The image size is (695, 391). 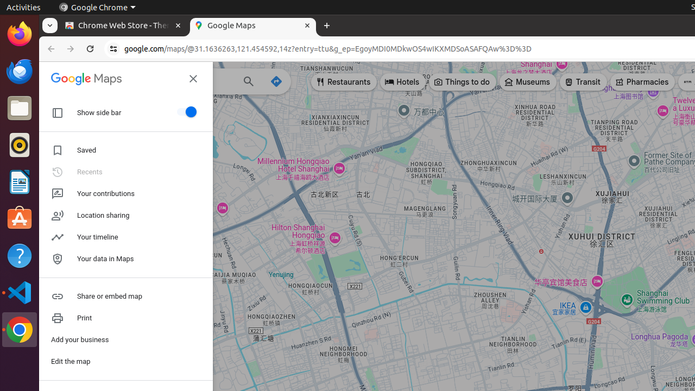 What do you see at coordinates (125, 193) in the screenshot?
I see `'Your contributions'` at bounding box center [125, 193].